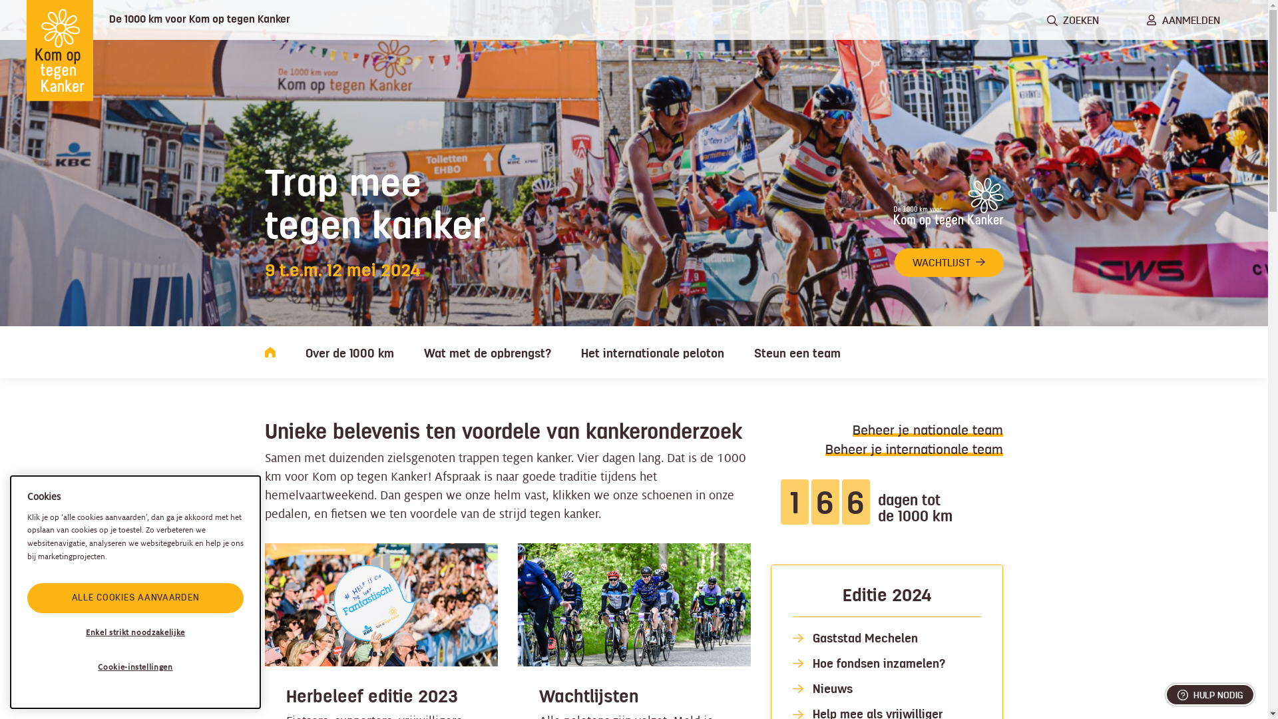 This screenshot has width=1278, height=719. What do you see at coordinates (135, 597) in the screenshot?
I see `'ALLE COOKIES AANVAARDEN'` at bounding box center [135, 597].